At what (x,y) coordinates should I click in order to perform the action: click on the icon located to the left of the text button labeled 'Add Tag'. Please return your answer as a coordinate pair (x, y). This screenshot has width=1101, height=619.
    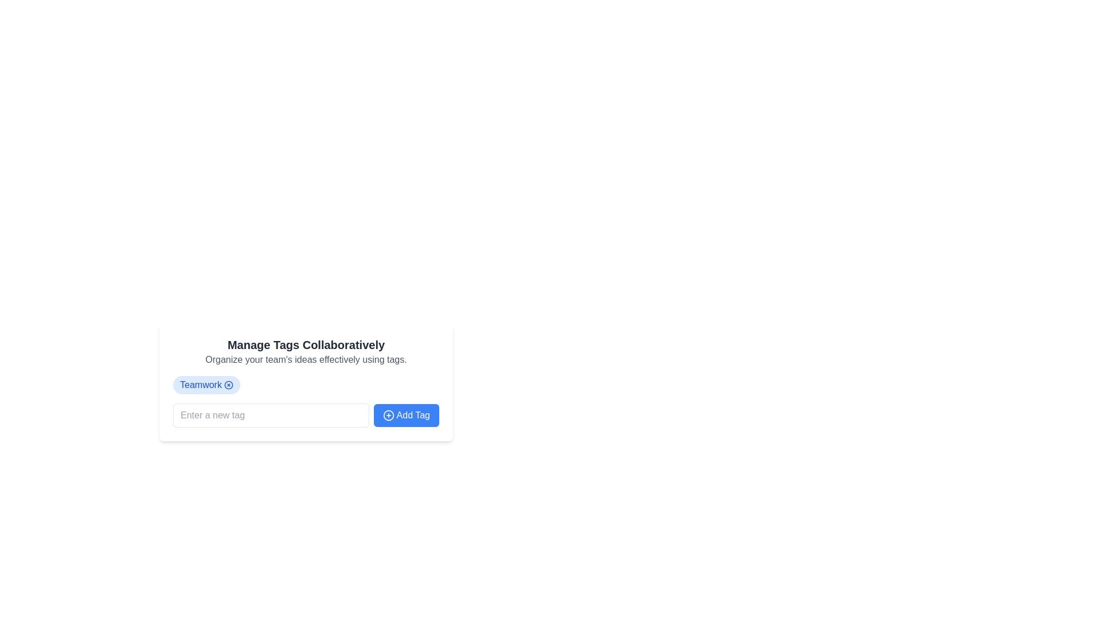
    Looking at the image, I should click on (388, 416).